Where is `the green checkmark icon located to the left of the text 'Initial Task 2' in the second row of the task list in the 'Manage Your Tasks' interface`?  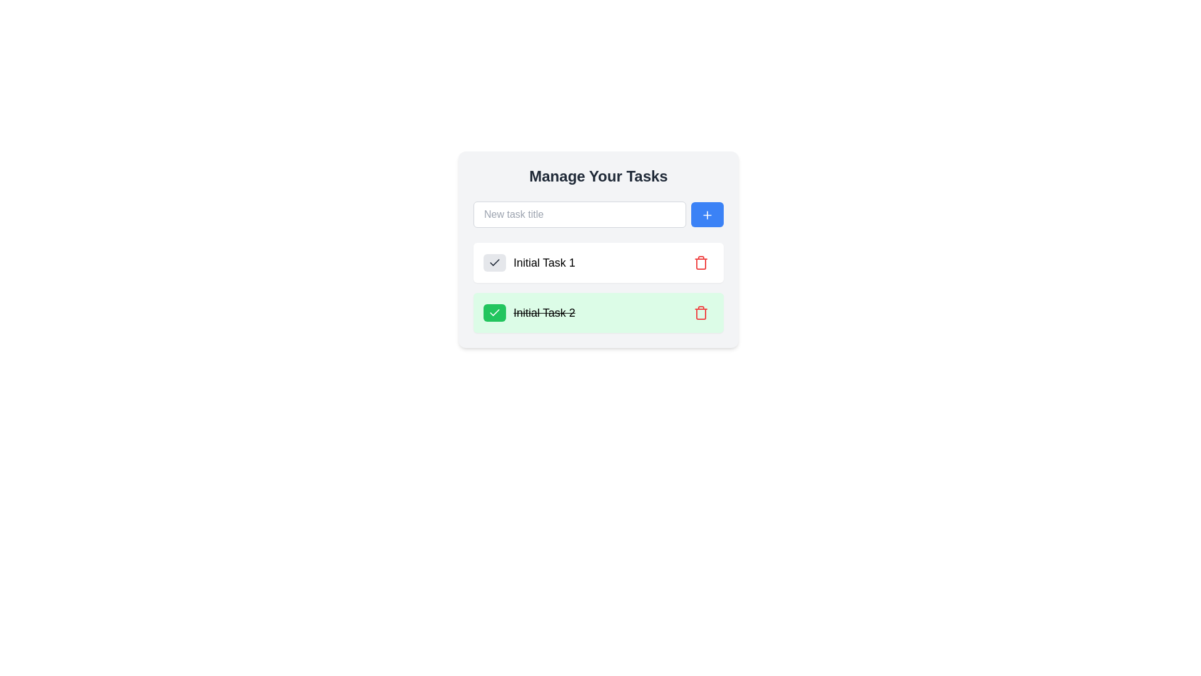 the green checkmark icon located to the left of the text 'Initial Task 2' in the second row of the task list in the 'Manage Your Tasks' interface is located at coordinates (494, 262).